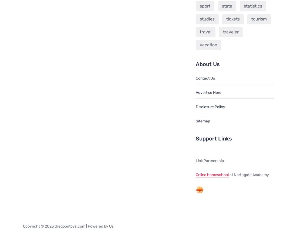 Image resolution: width=297 pixels, height=237 pixels. What do you see at coordinates (223, 31) in the screenshot?
I see `'traveler'` at bounding box center [223, 31].